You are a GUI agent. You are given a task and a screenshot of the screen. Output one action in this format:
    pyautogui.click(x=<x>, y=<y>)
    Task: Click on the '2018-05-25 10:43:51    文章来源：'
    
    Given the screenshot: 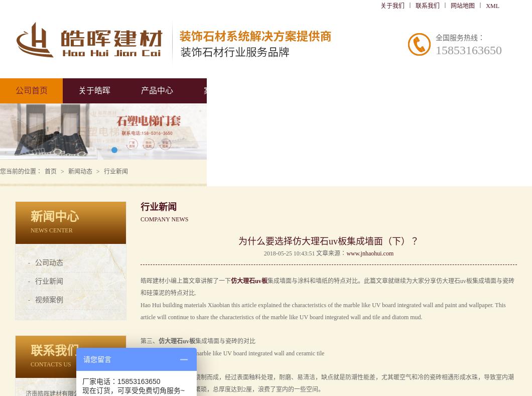 What is the action you would take?
    pyautogui.click(x=305, y=252)
    